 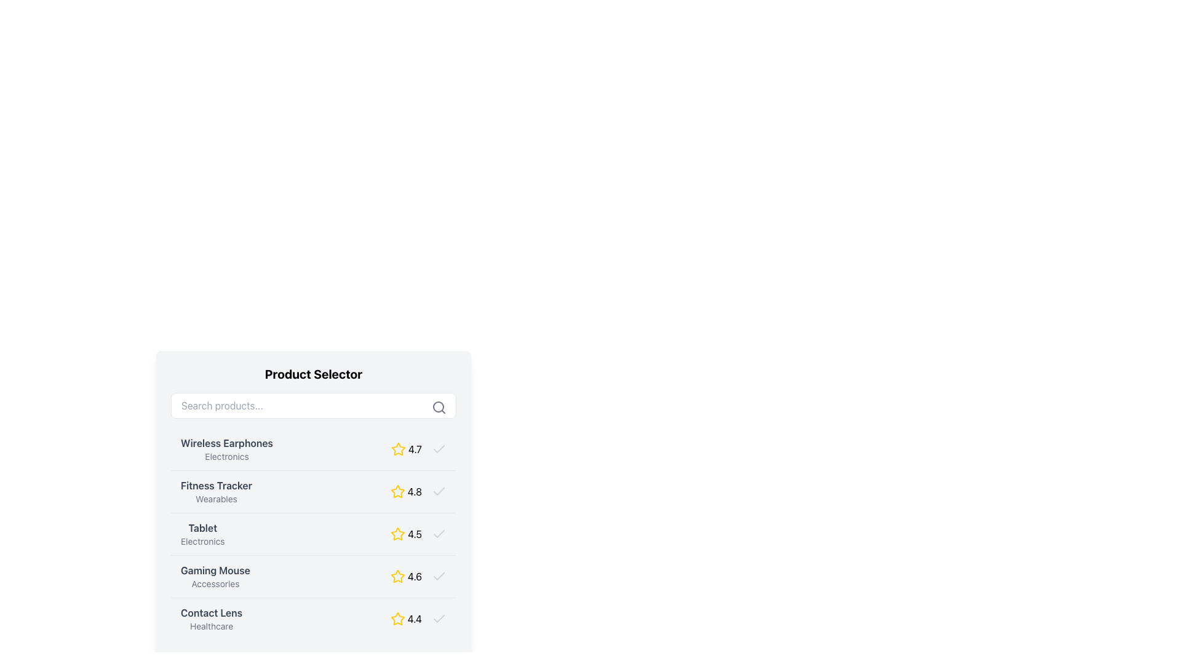 What do you see at coordinates (418, 576) in the screenshot?
I see `the yellow star icon with the text '4.6' that is part of the 'Gaming Mouse' row, positioned between 'Accessories' and a checkmark icon` at bounding box center [418, 576].